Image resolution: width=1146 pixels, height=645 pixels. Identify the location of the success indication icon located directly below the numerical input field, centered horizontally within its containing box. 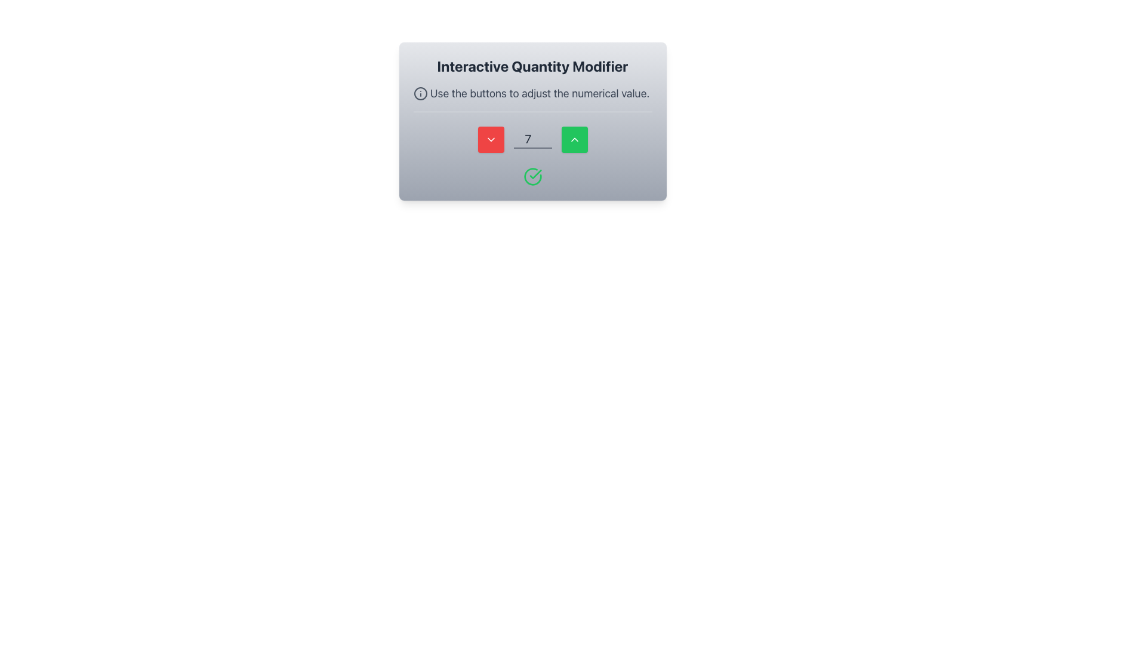
(532, 177).